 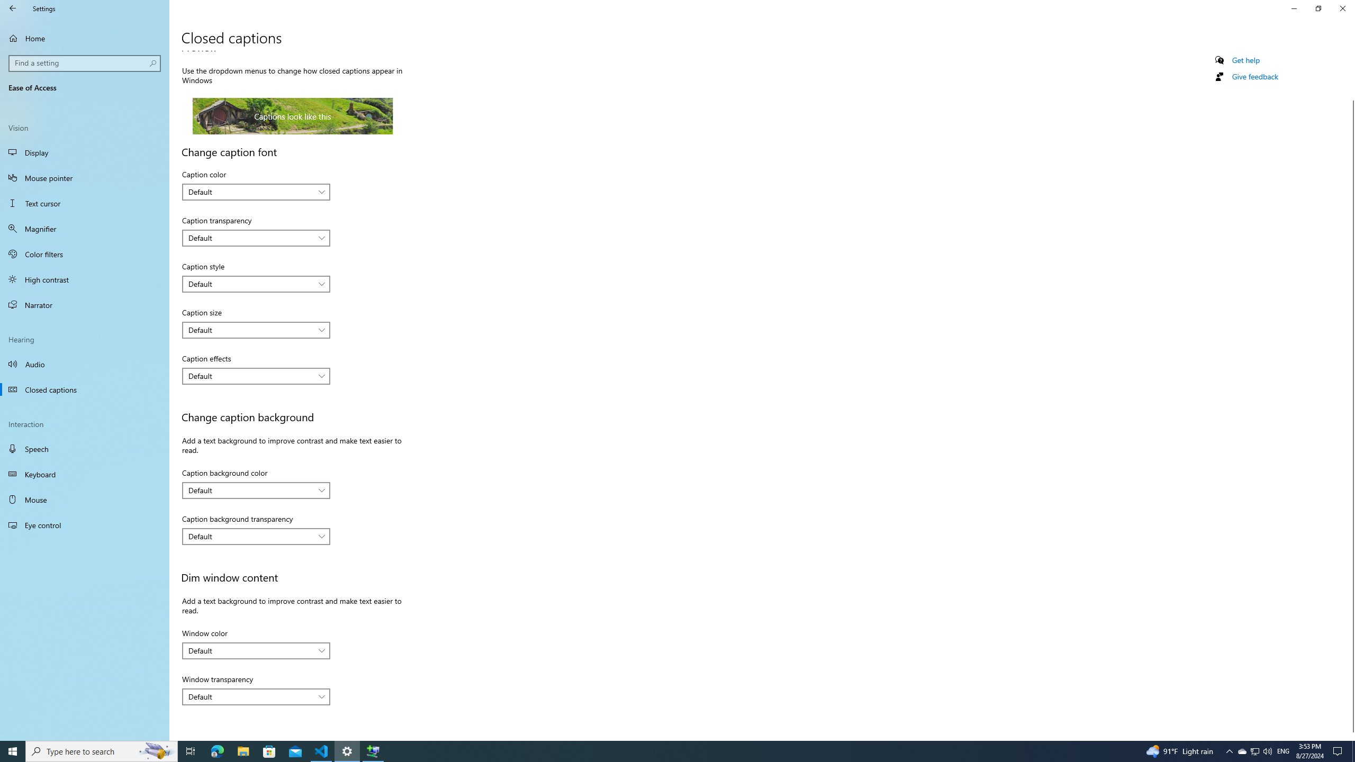 I want to click on 'Narrator', so click(x=84, y=304).